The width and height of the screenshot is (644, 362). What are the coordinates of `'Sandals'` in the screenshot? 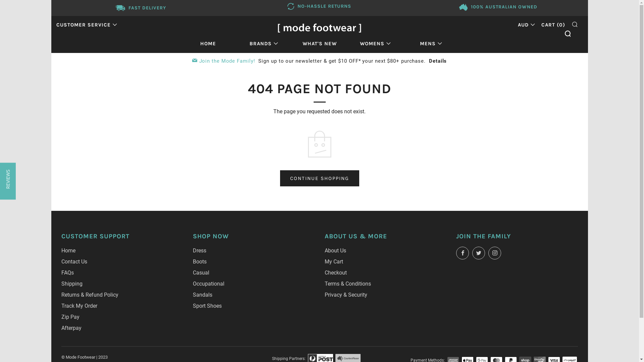 It's located at (202, 294).